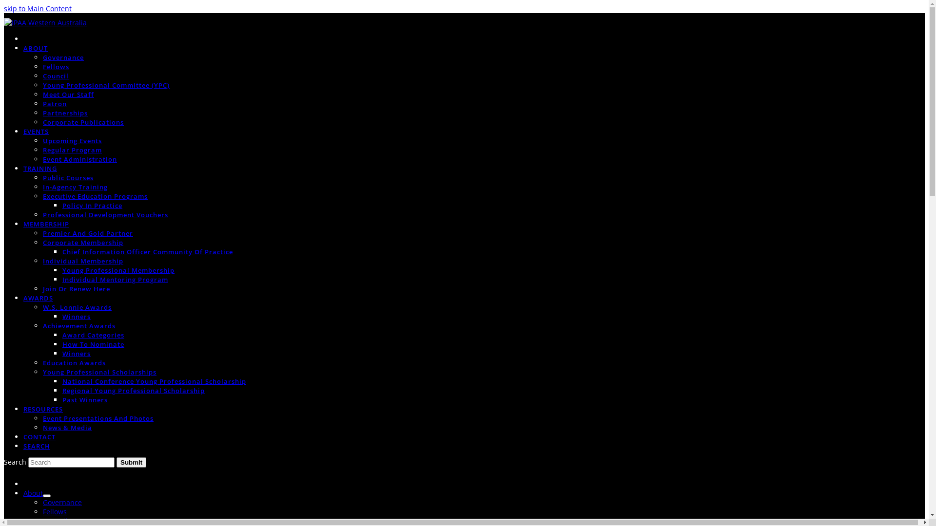 The image size is (936, 526). What do you see at coordinates (62, 270) in the screenshot?
I see `'Young Professional Membership'` at bounding box center [62, 270].